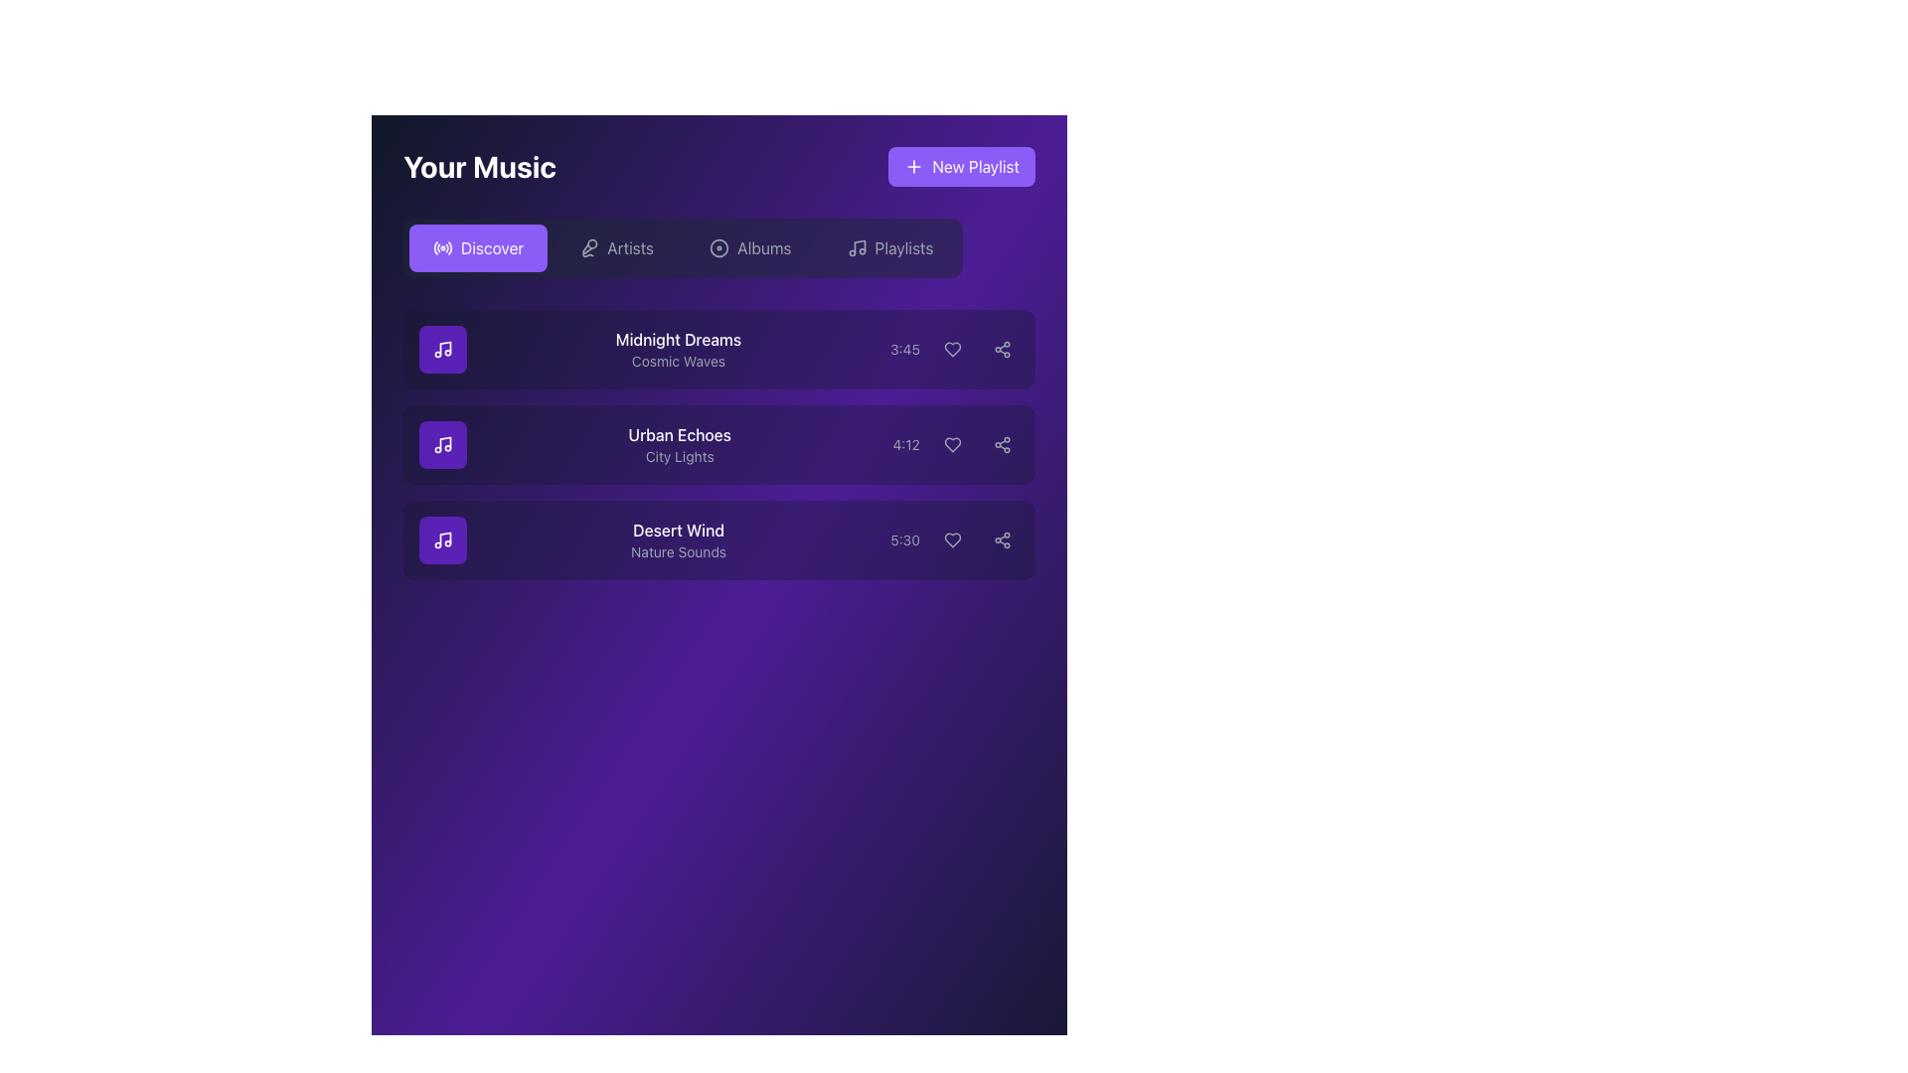  I want to click on the 'like' button (heart icon) located in the row for the song 'Urban Echoes', positioned to the right of the duration (4:12) and left of the share button, so click(952, 443).